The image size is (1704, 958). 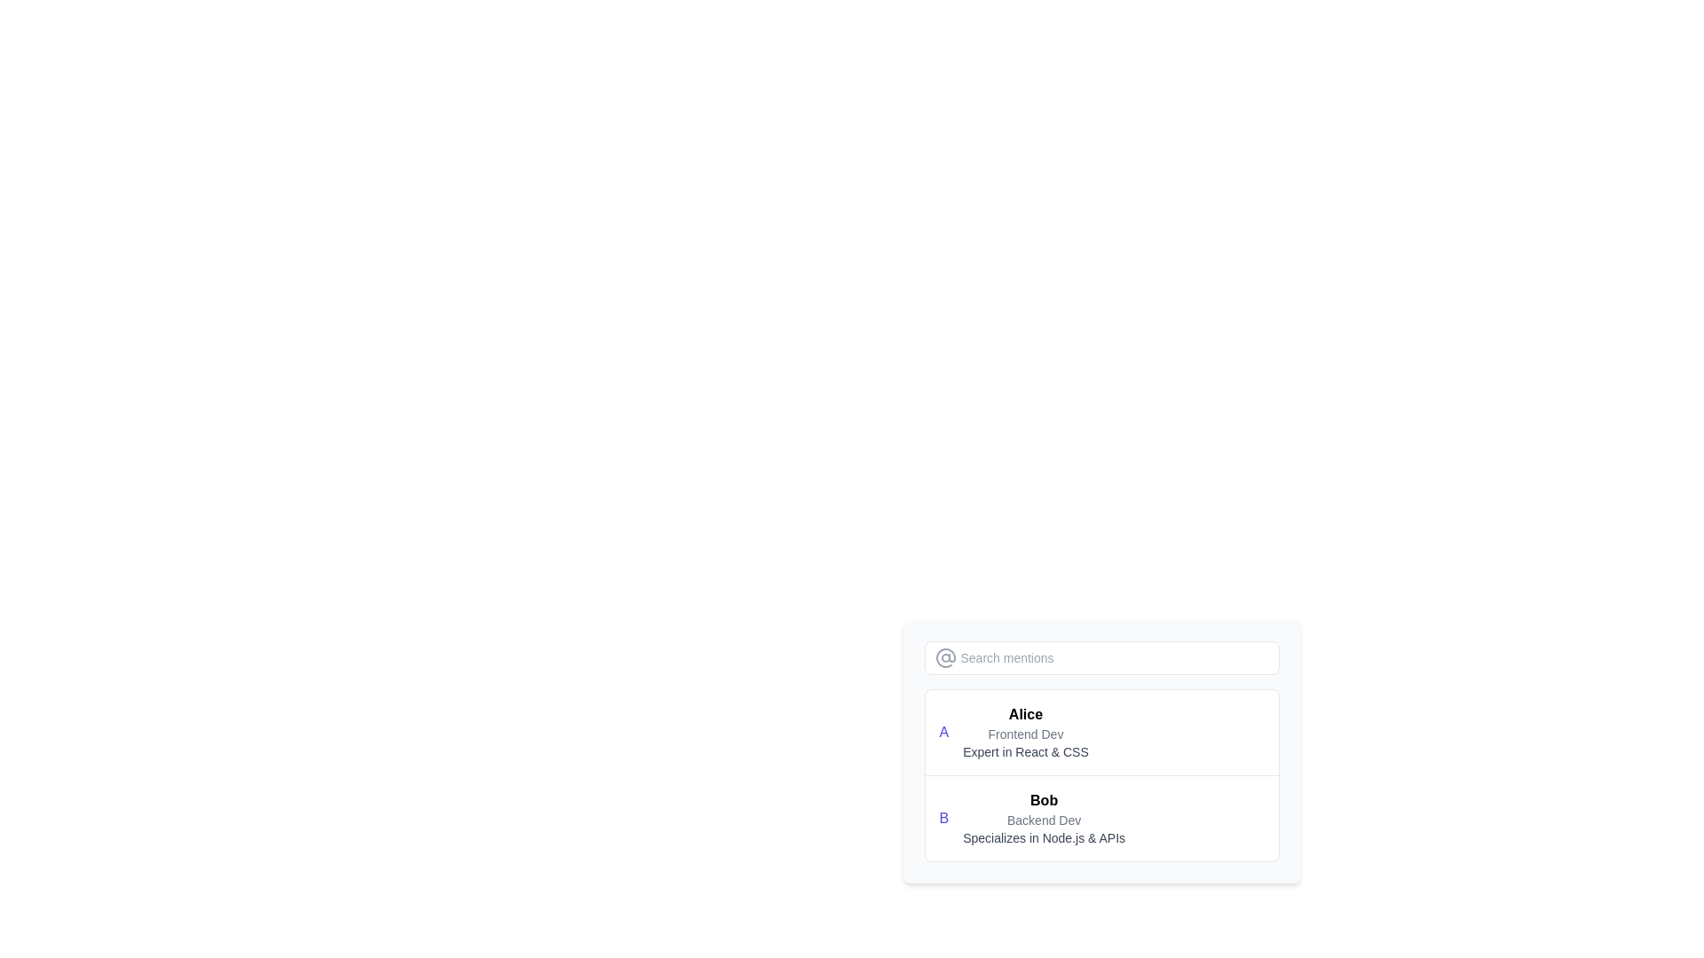 What do you see at coordinates (1100, 732) in the screenshot?
I see `information displayed in the User Profile Card, which is the first item in a list of profile cards, located above the card for 'Bob'` at bounding box center [1100, 732].